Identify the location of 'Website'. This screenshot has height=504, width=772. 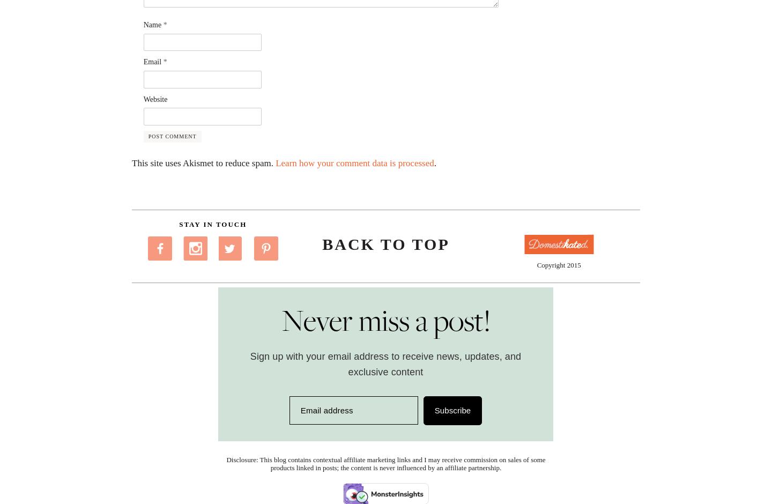
(154, 99).